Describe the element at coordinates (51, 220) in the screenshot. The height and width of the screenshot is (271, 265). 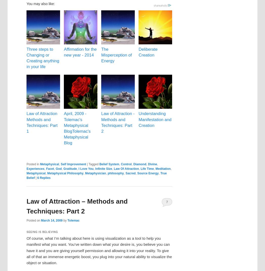
I see `'March 14, 2009'` at that location.